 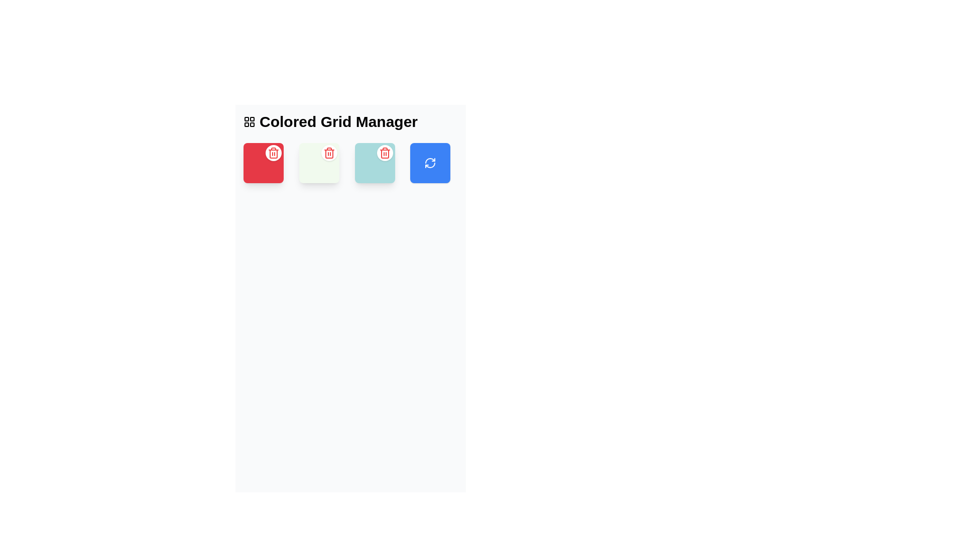 What do you see at coordinates (430, 162) in the screenshot?
I see `the refresh icon located at the center of the blue square tile, which is the fourth tile in the horizontal row under the 'Colored Grid Manager' heading` at bounding box center [430, 162].